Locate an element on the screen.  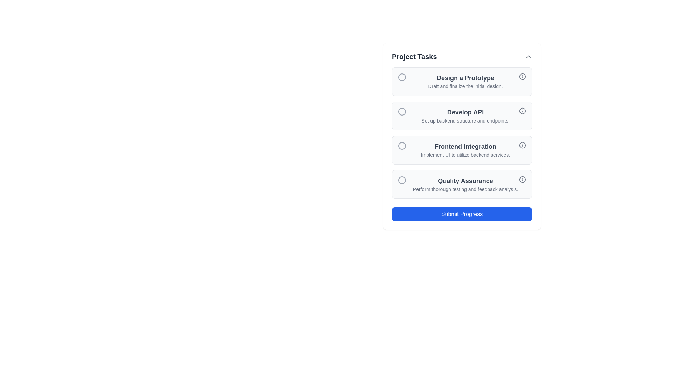
the task item titled 'Design a Prototype' is located at coordinates (462, 81).